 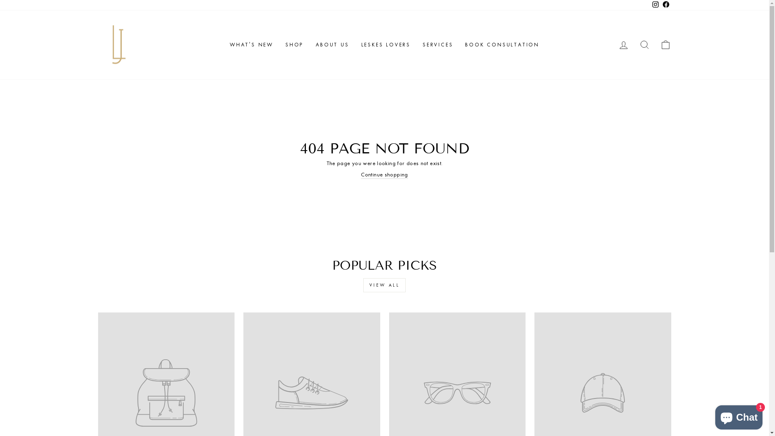 What do you see at coordinates (739, 415) in the screenshot?
I see `'Shopify online store chat'` at bounding box center [739, 415].